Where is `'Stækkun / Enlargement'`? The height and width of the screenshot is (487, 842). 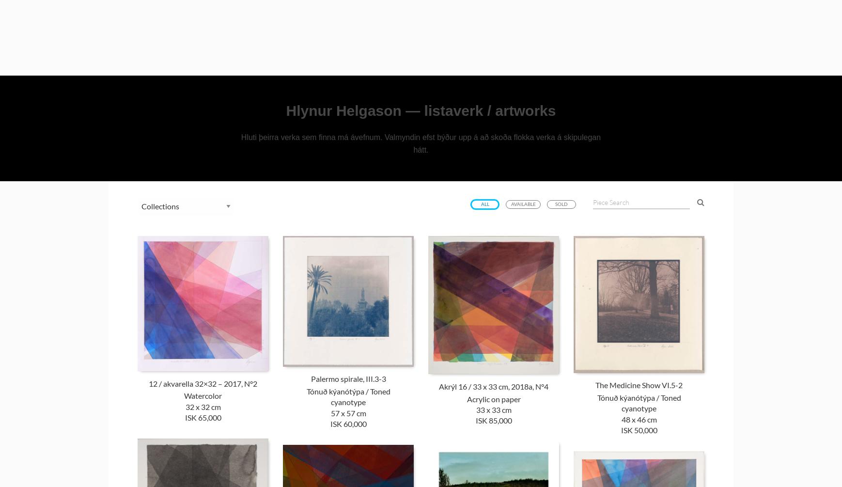 'Stækkun / Enlargement' is located at coordinates (517, 165).